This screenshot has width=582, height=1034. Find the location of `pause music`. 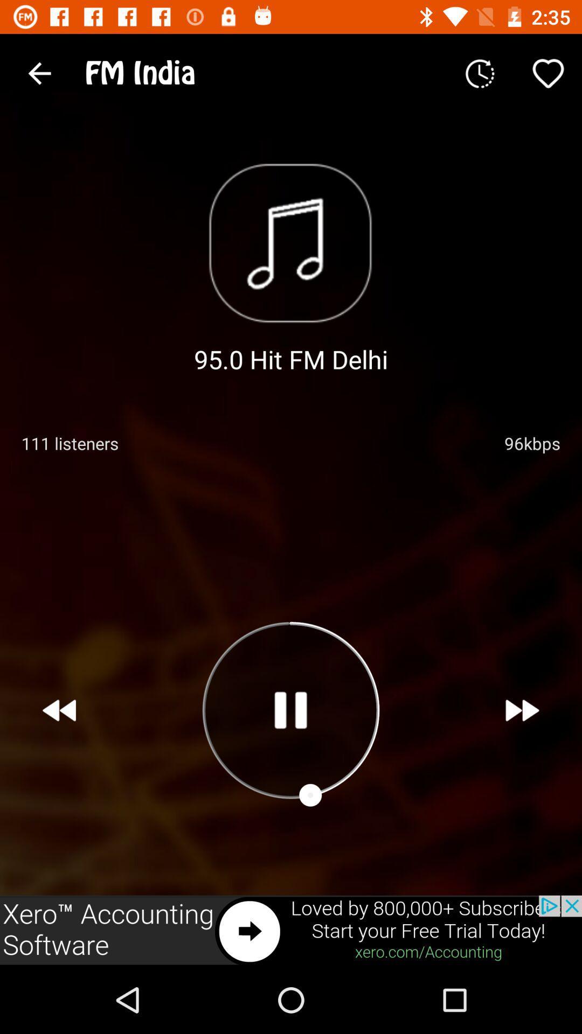

pause music is located at coordinates (290, 710).